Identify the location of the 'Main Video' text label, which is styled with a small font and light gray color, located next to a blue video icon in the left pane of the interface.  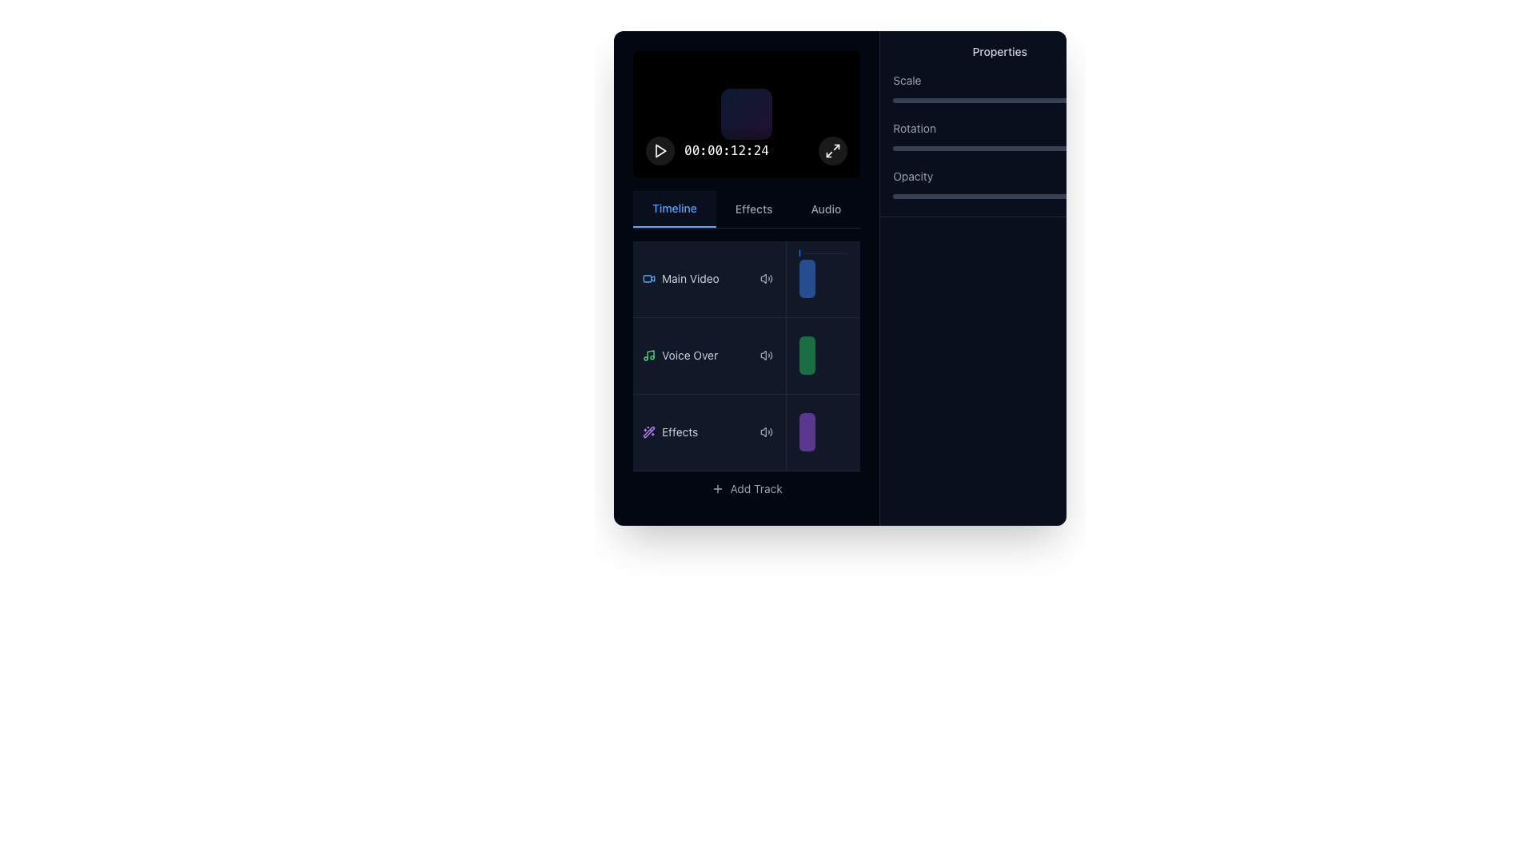
(690, 278).